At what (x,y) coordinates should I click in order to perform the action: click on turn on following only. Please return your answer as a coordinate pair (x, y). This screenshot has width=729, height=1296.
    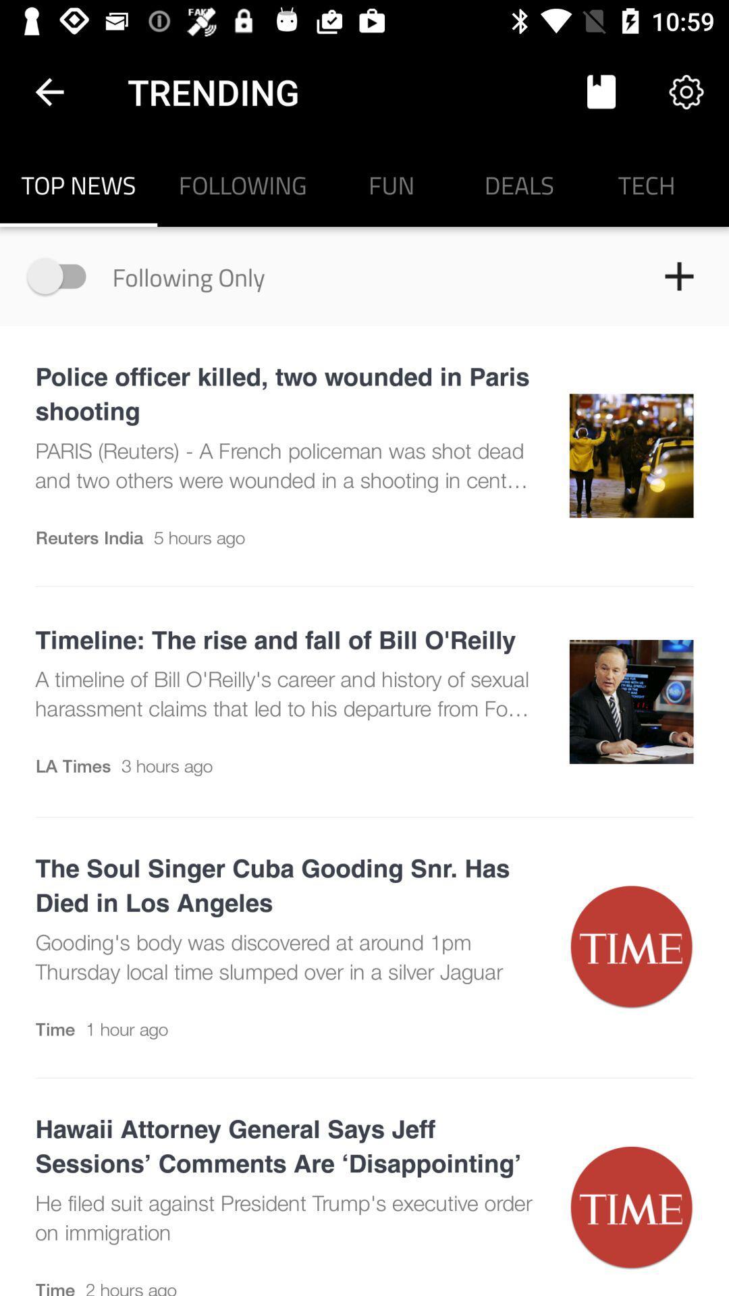
    Looking at the image, I should click on (63, 275).